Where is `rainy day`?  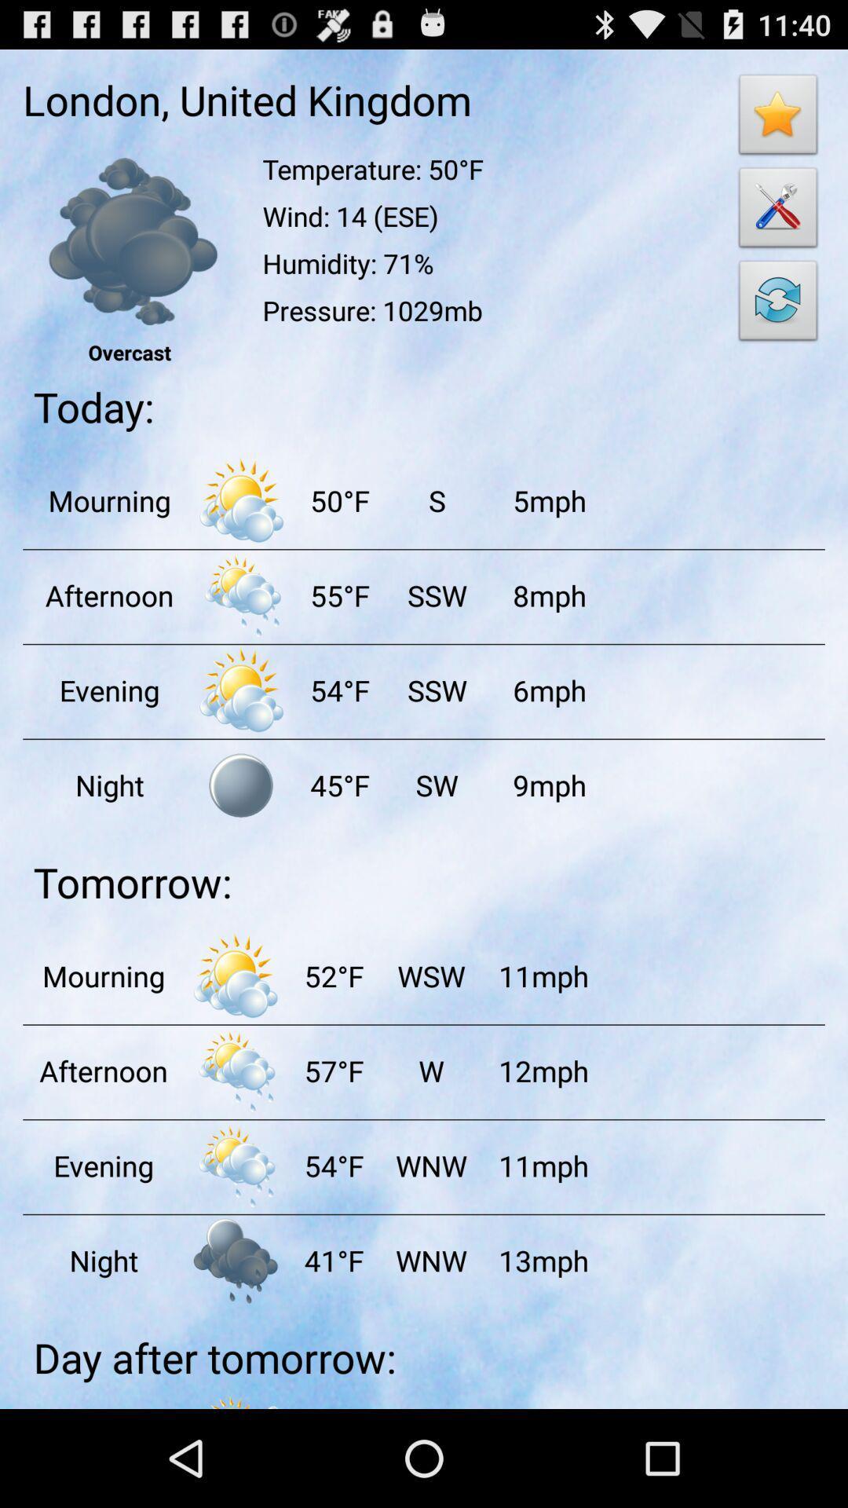 rainy day is located at coordinates (236, 1070).